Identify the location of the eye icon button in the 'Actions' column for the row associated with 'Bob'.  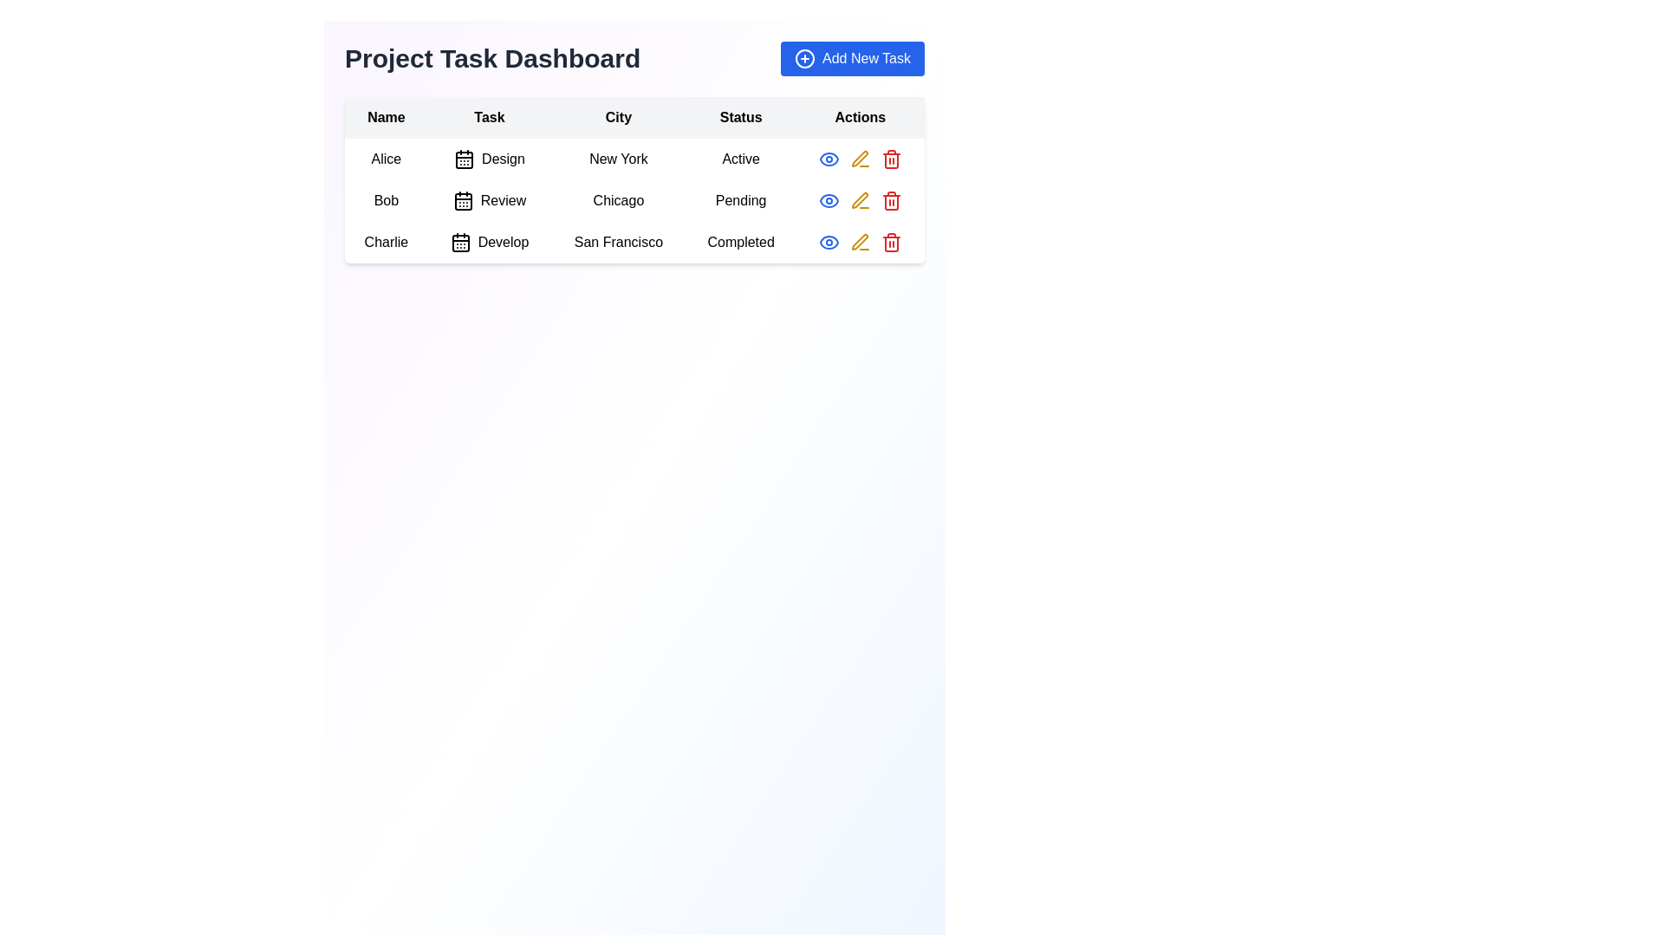
(828, 199).